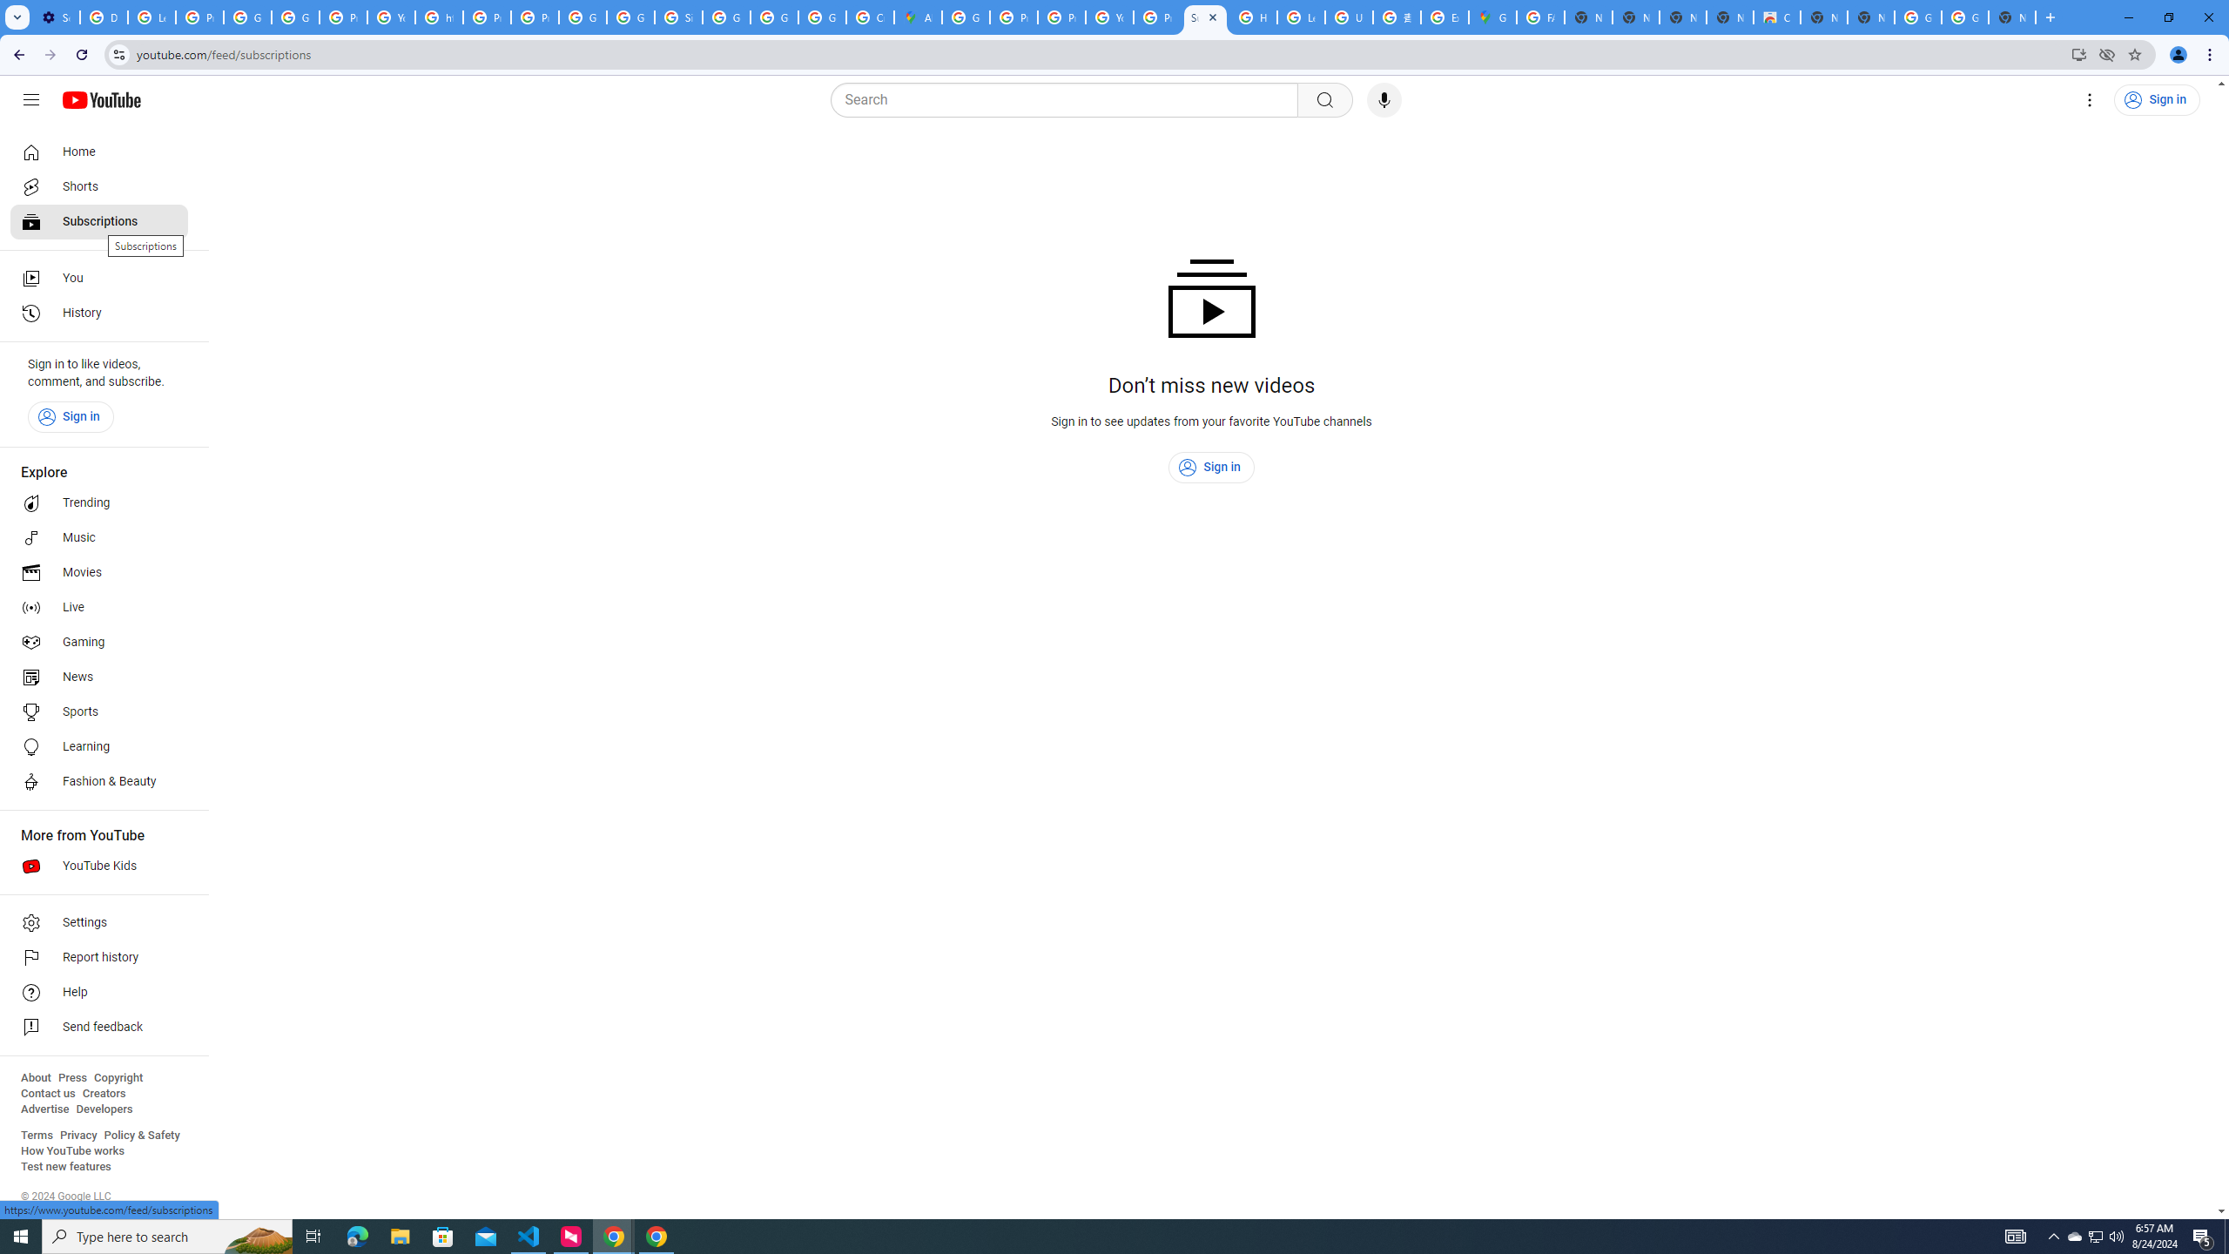 Image resolution: width=2229 pixels, height=1254 pixels. What do you see at coordinates (1491, 17) in the screenshot?
I see `'Google Maps'` at bounding box center [1491, 17].